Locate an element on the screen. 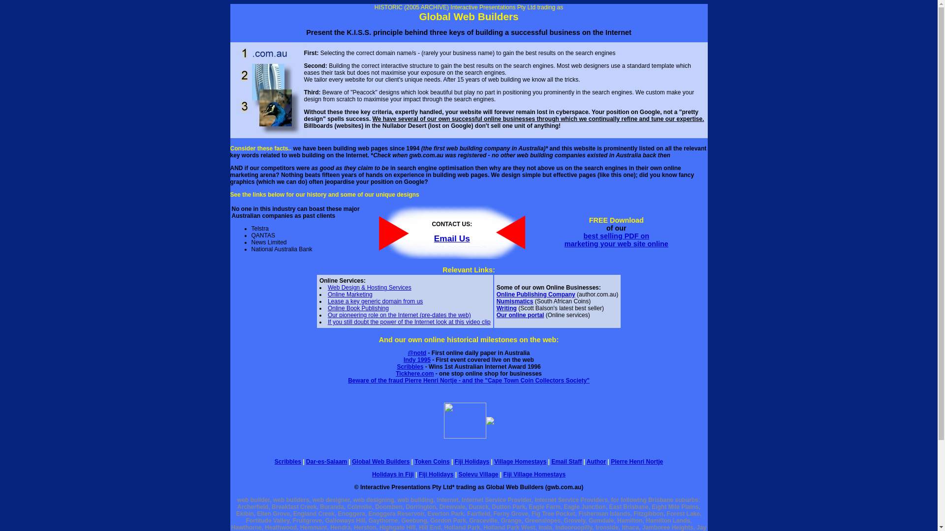 This screenshot has width=945, height=531. 'Web Design & Hosting Services' is located at coordinates (369, 288).